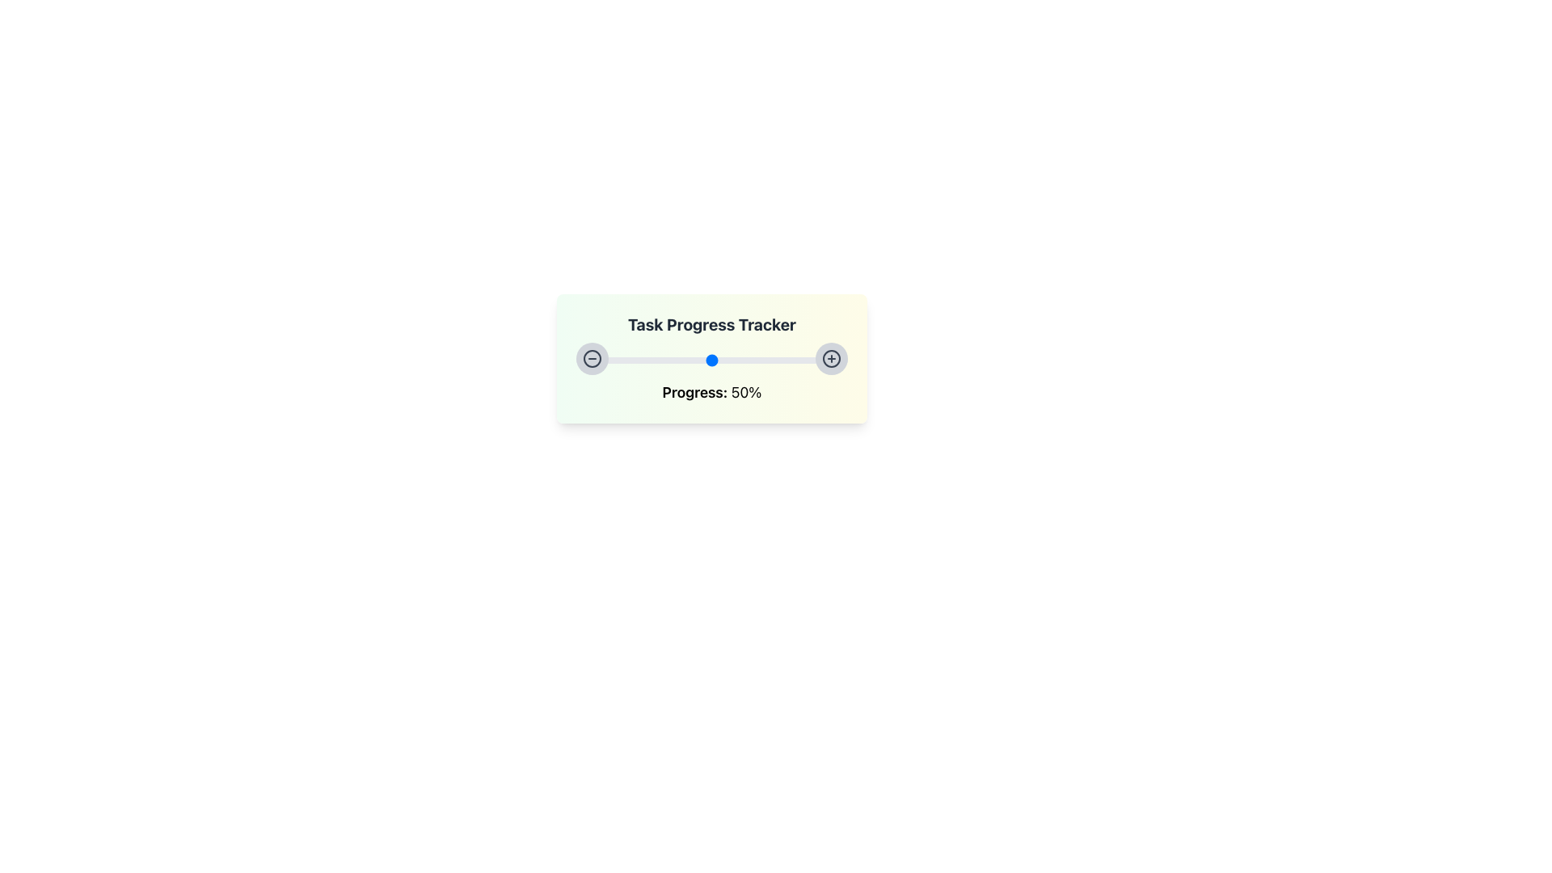  I want to click on the slider, so click(586, 360).